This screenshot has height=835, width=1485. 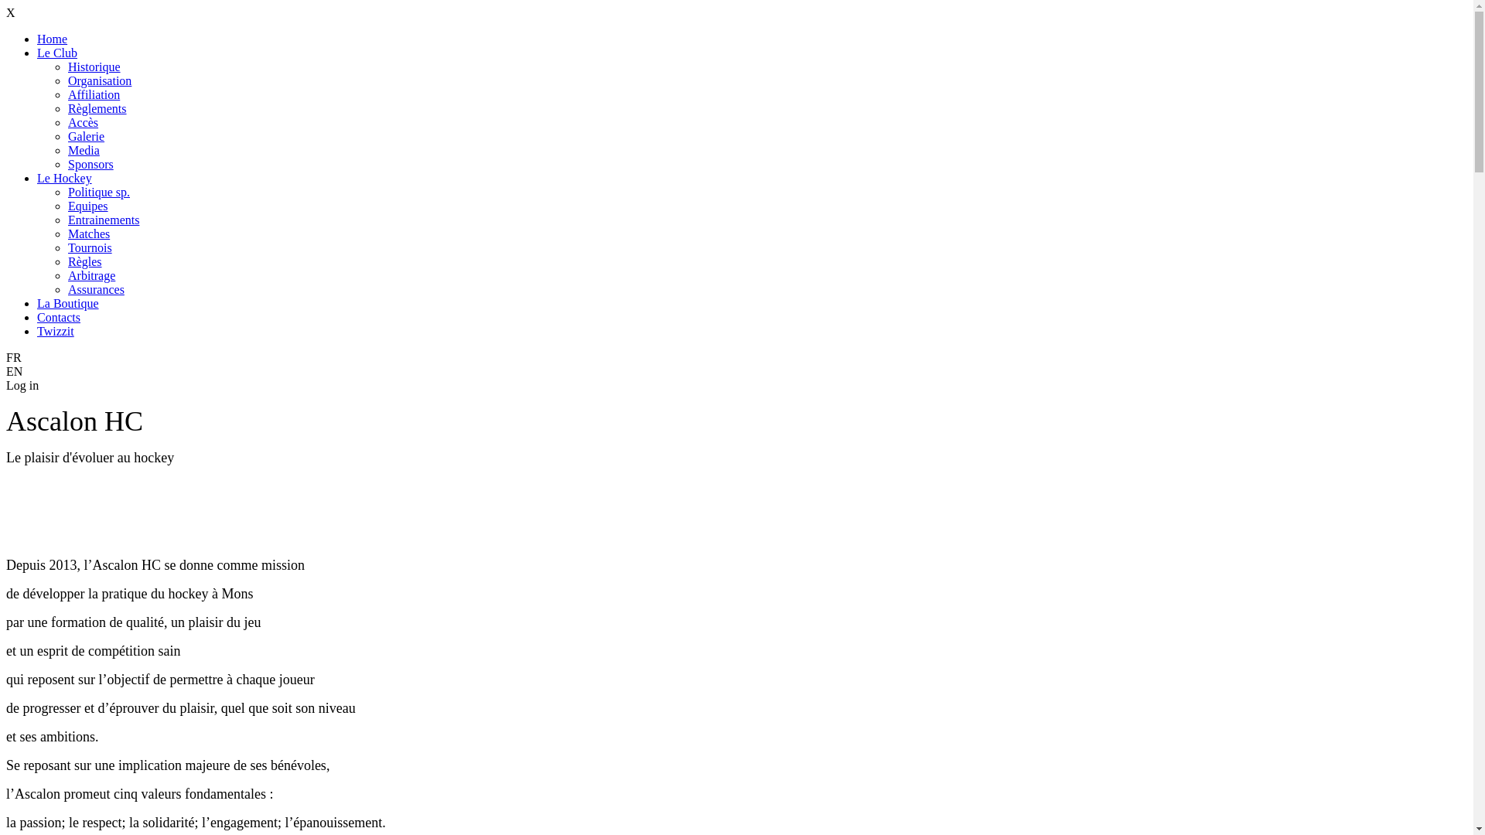 What do you see at coordinates (6, 12) in the screenshot?
I see `'X'` at bounding box center [6, 12].